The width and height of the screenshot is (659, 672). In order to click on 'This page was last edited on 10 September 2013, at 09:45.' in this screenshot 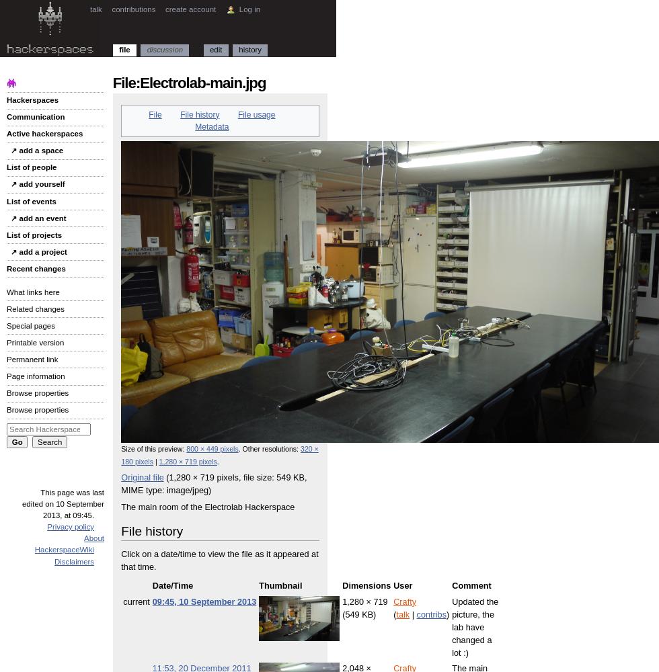, I will do `click(63, 503)`.